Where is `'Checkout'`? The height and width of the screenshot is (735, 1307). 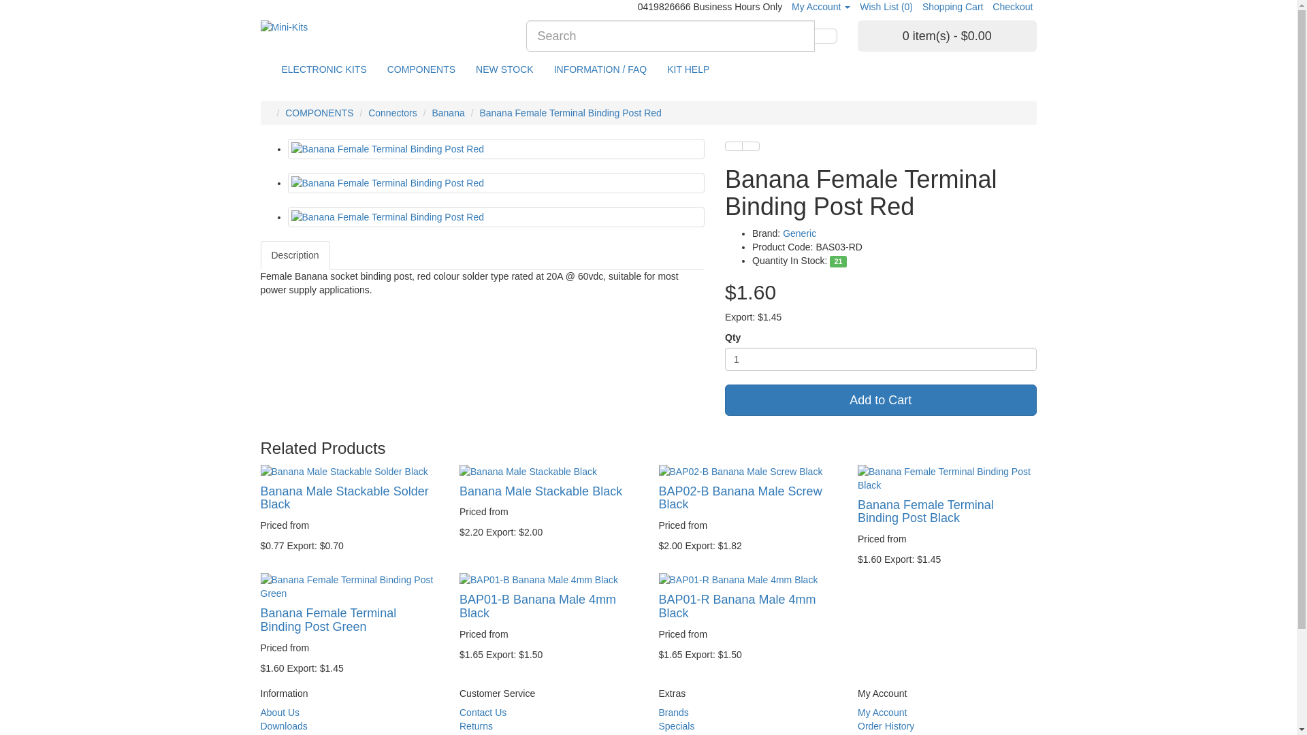
'Checkout' is located at coordinates (1012, 7).